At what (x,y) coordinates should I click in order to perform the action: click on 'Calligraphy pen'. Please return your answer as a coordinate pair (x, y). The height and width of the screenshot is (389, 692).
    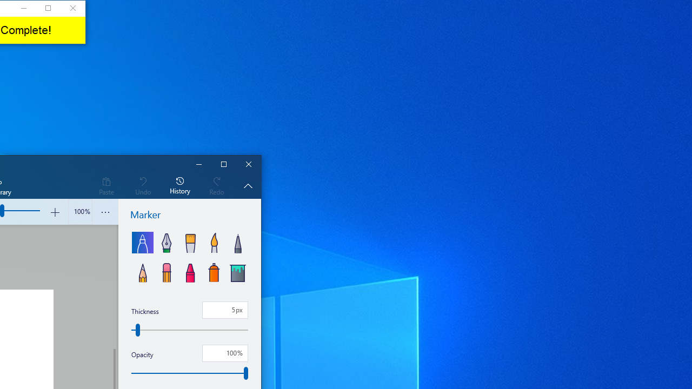
    Looking at the image, I should click on (165, 242).